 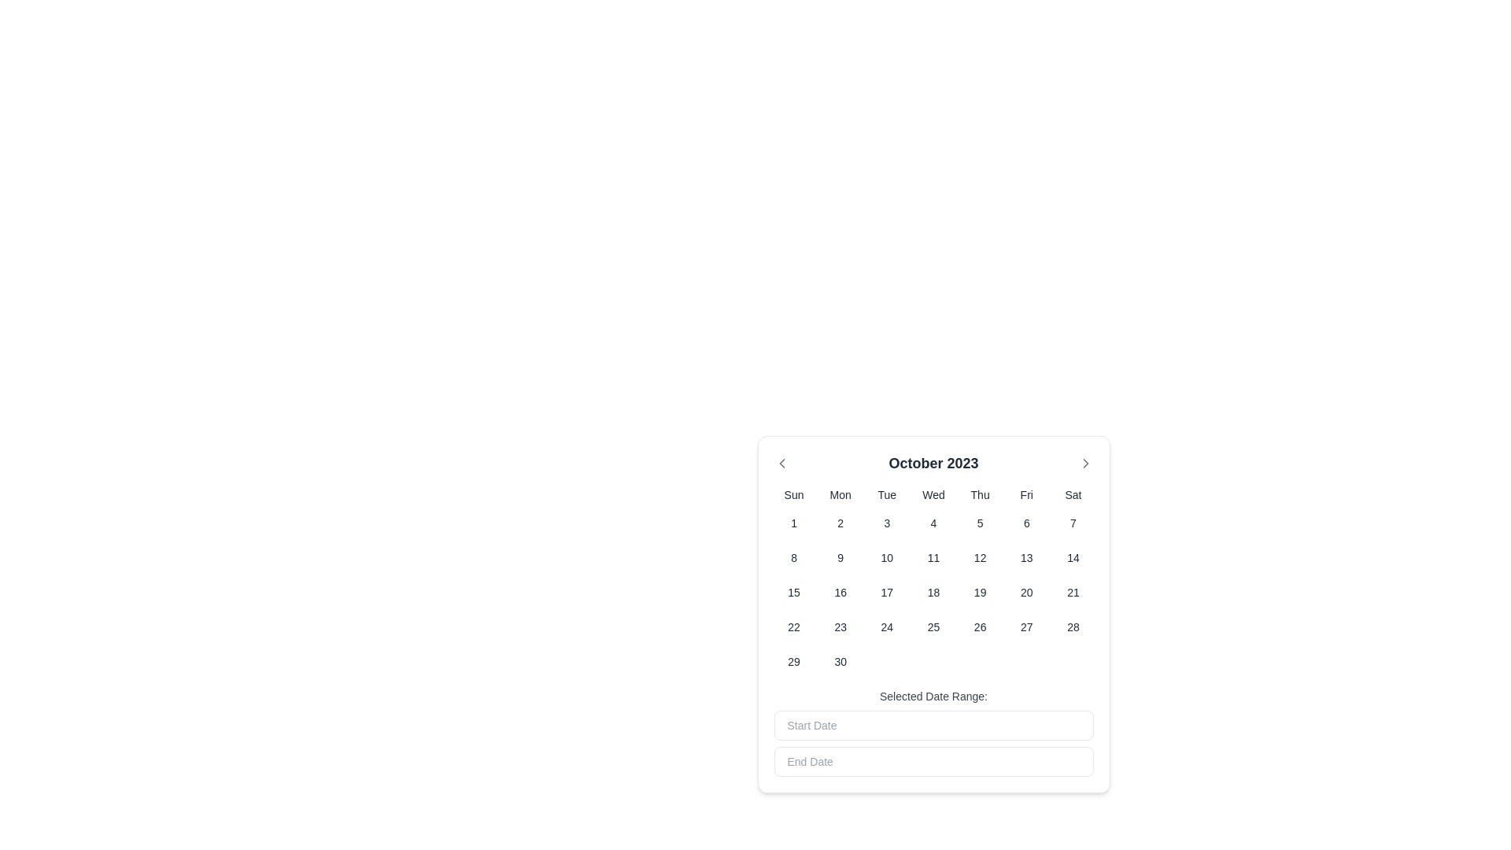 I want to click on the small, rounded rectangle button displaying the number '1' in the calendar layout, so click(x=794, y=523).